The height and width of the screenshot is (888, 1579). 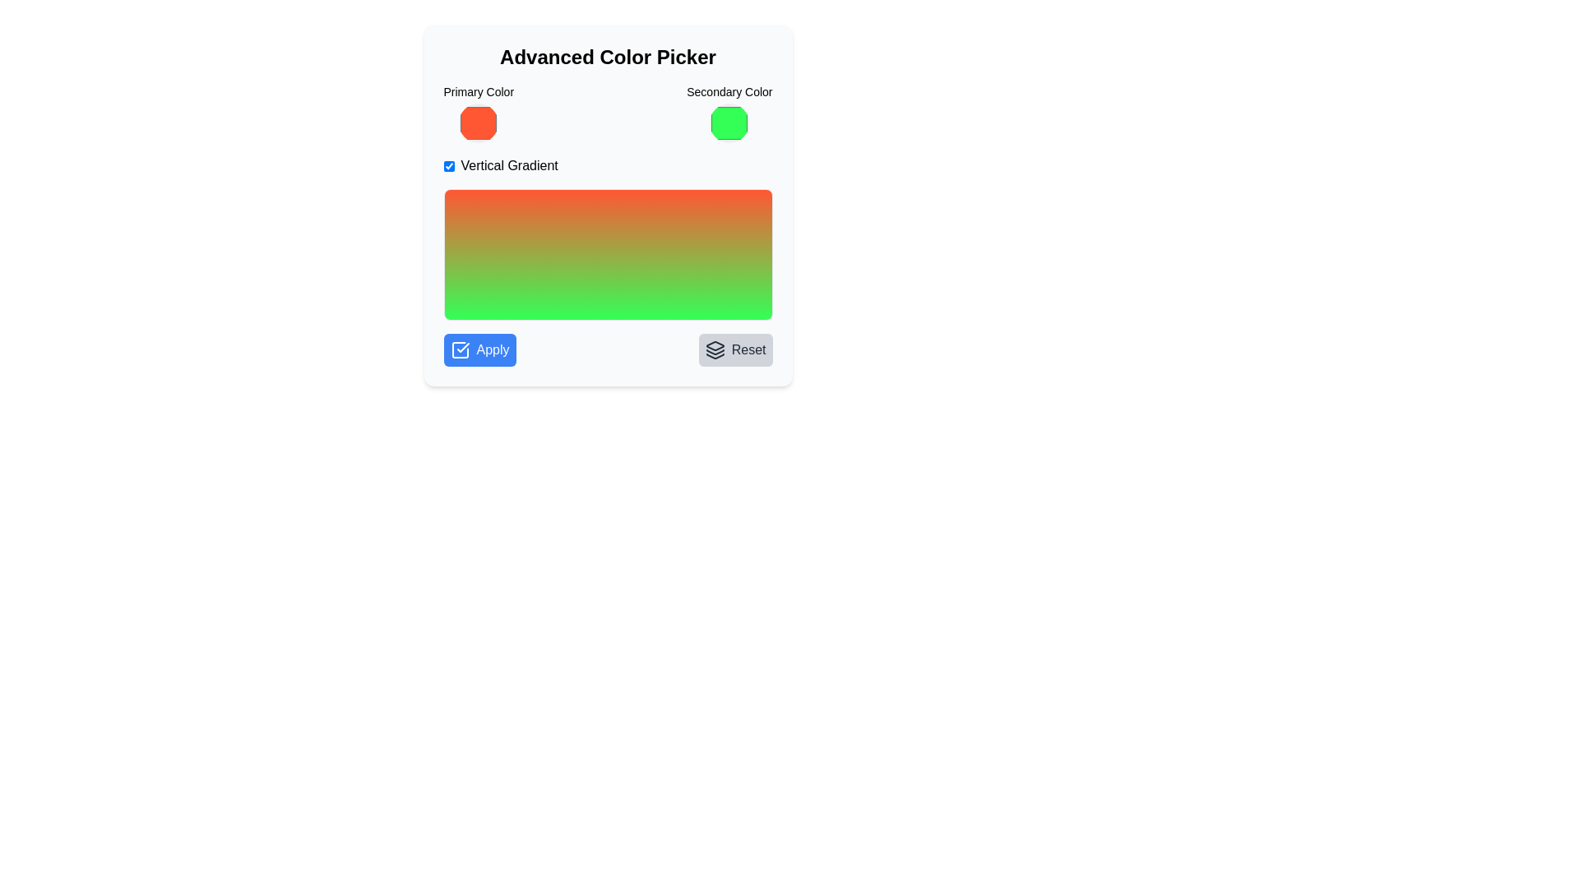 What do you see at coordinates (748, 349) in the screenshot?
I see `text content of the 'Reset' label located to the right of the 'Apply' button in the bottom right corner of the interface` at bounding box center [748, 349].